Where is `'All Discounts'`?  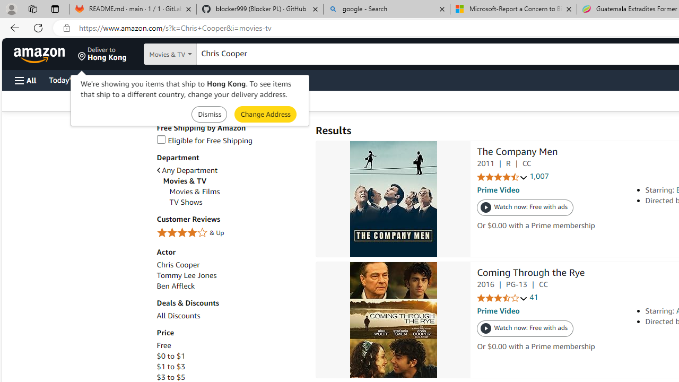 'All Discounts' is located at coordinates (230, 315).